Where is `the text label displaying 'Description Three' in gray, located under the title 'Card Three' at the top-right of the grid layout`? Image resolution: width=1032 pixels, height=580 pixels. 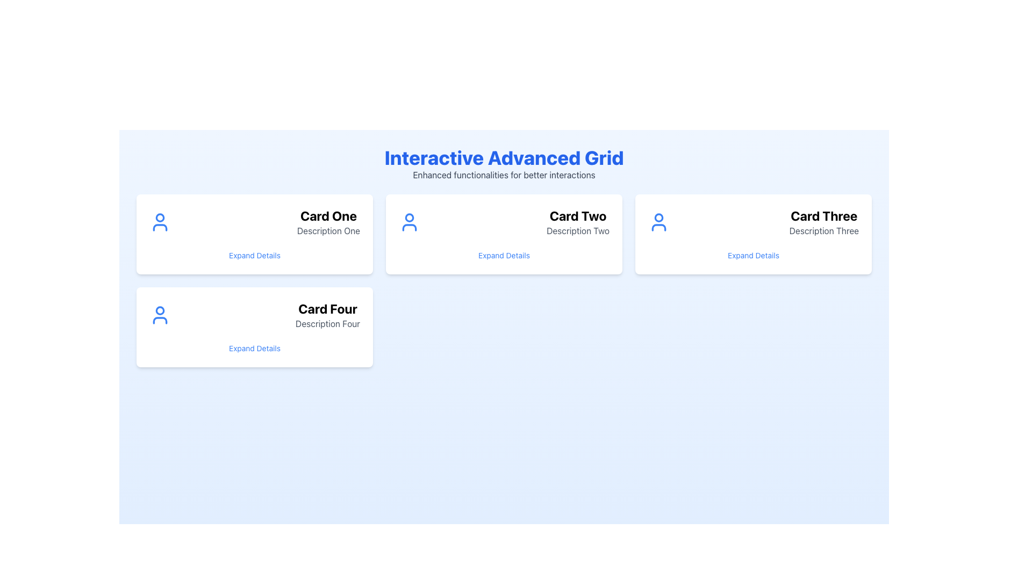
the text label displaying 'Description Three' in gray, located under the title 'Card Three' at the top-right of the grid layout is located at coordinates (823, 230).